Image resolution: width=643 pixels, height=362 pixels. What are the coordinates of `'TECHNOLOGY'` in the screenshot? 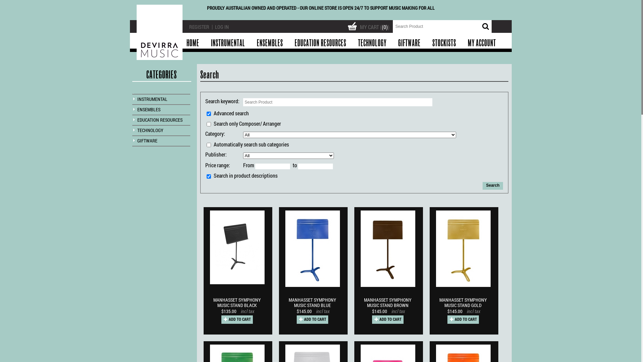 It's located at (371, 43).